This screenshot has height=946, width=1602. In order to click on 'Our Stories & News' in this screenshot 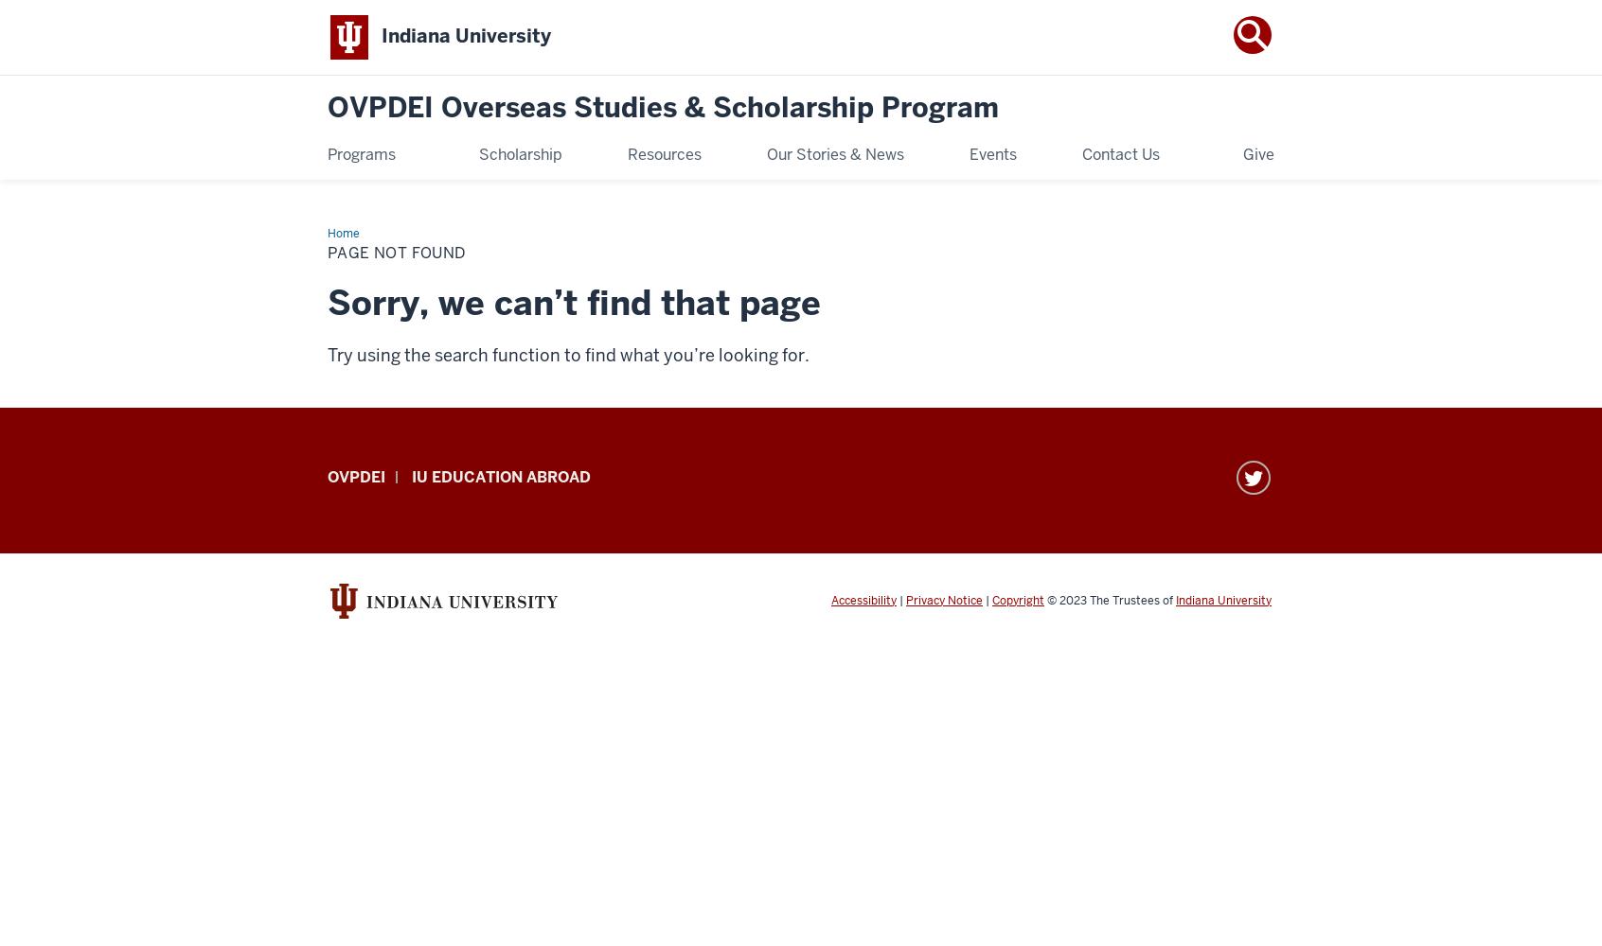, I will do `click(834, 154)`.